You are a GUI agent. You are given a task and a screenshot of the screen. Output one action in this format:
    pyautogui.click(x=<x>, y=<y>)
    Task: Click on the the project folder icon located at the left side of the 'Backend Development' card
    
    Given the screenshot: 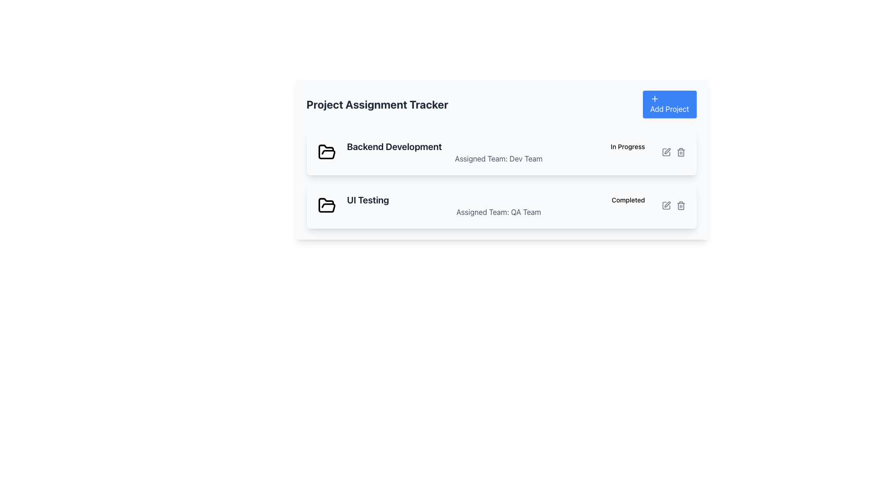 What is the action you would take?
    pyautogui.click(x=327, y=152)
    